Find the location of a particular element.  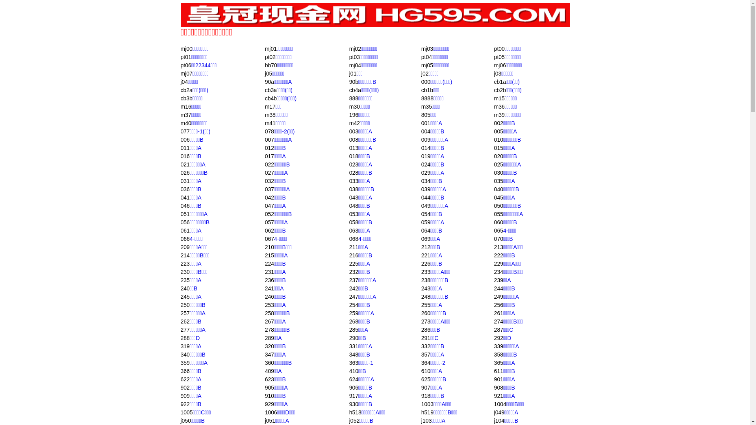

'm40' is located at coordinates (185, 123).